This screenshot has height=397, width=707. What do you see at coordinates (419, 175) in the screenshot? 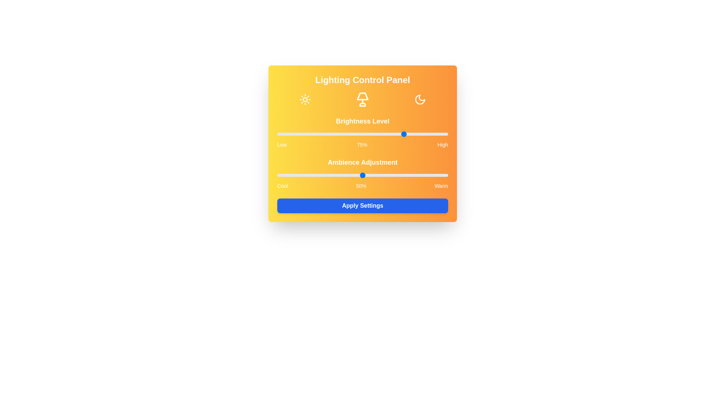
I see `the ambiance level to 83% by adjusting the slider` at bounding box center [419, 175].